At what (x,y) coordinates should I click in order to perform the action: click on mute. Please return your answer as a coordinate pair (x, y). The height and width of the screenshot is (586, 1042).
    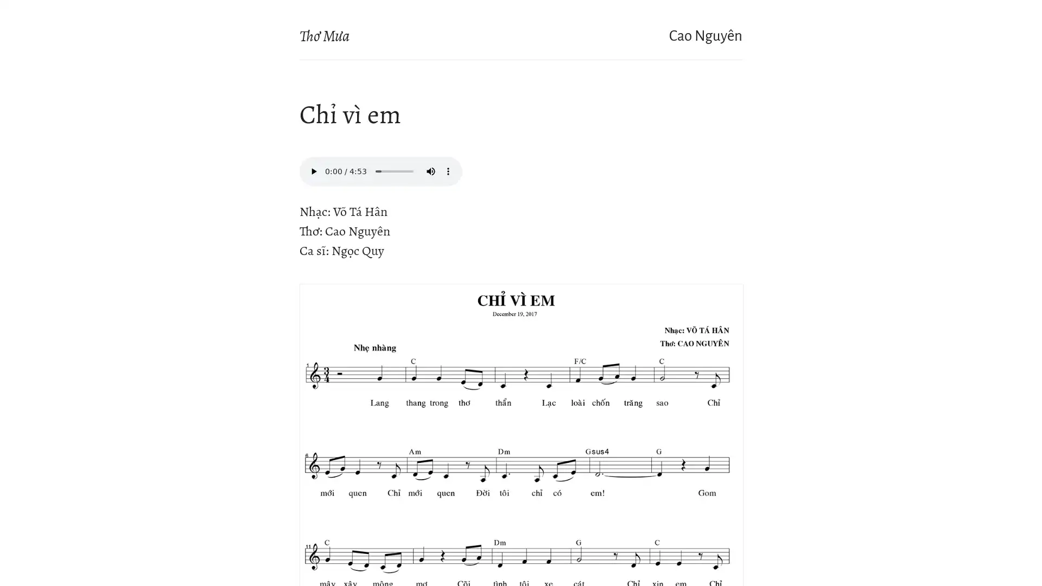
    Looking at the image, I should click on (430, 171).